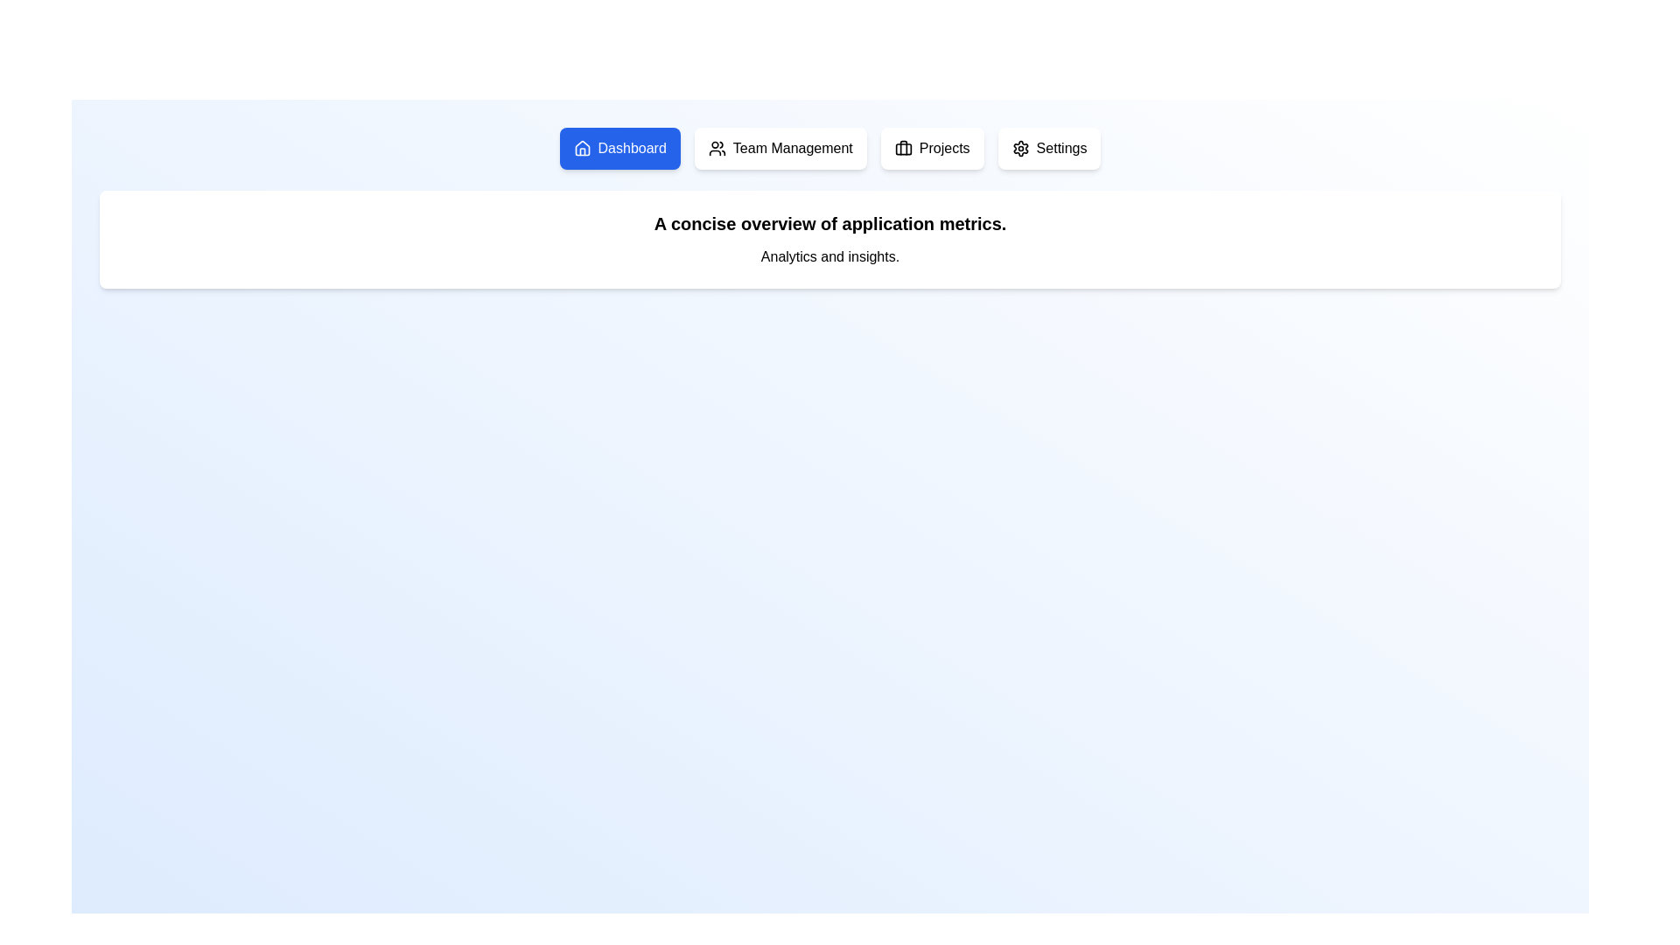 The height and width of the screenshot is (945, 1680). What do you see at coordinates (631, 147) in the screenshot?
I see `the 'Dashboard' text label in the top navigation menu to focus or navigate to the dashboard functionalities` at bounding box center [631, 147].